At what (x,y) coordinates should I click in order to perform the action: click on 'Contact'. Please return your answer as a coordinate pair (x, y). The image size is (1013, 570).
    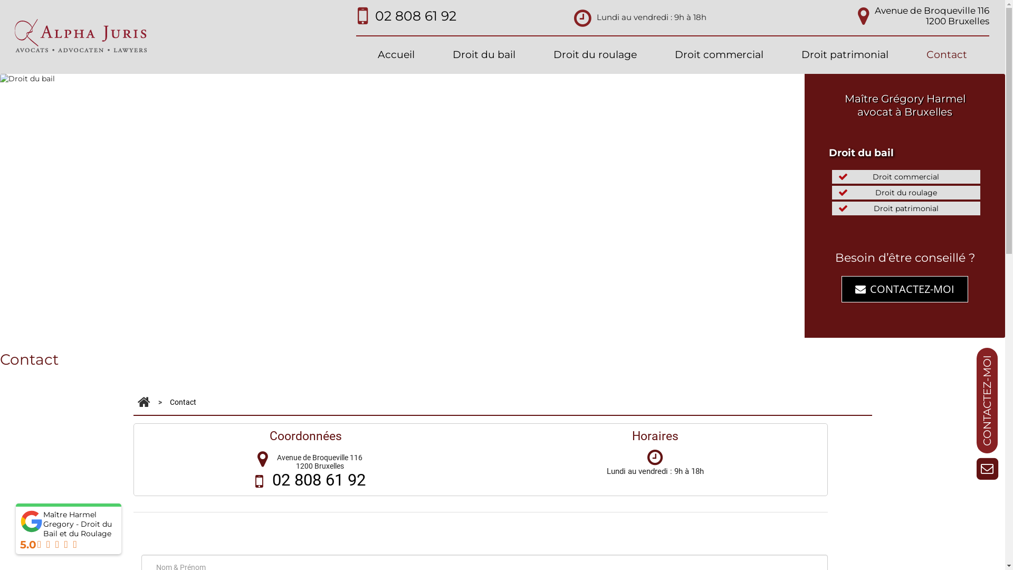
    Looking at the image, I should click on (947, 55).